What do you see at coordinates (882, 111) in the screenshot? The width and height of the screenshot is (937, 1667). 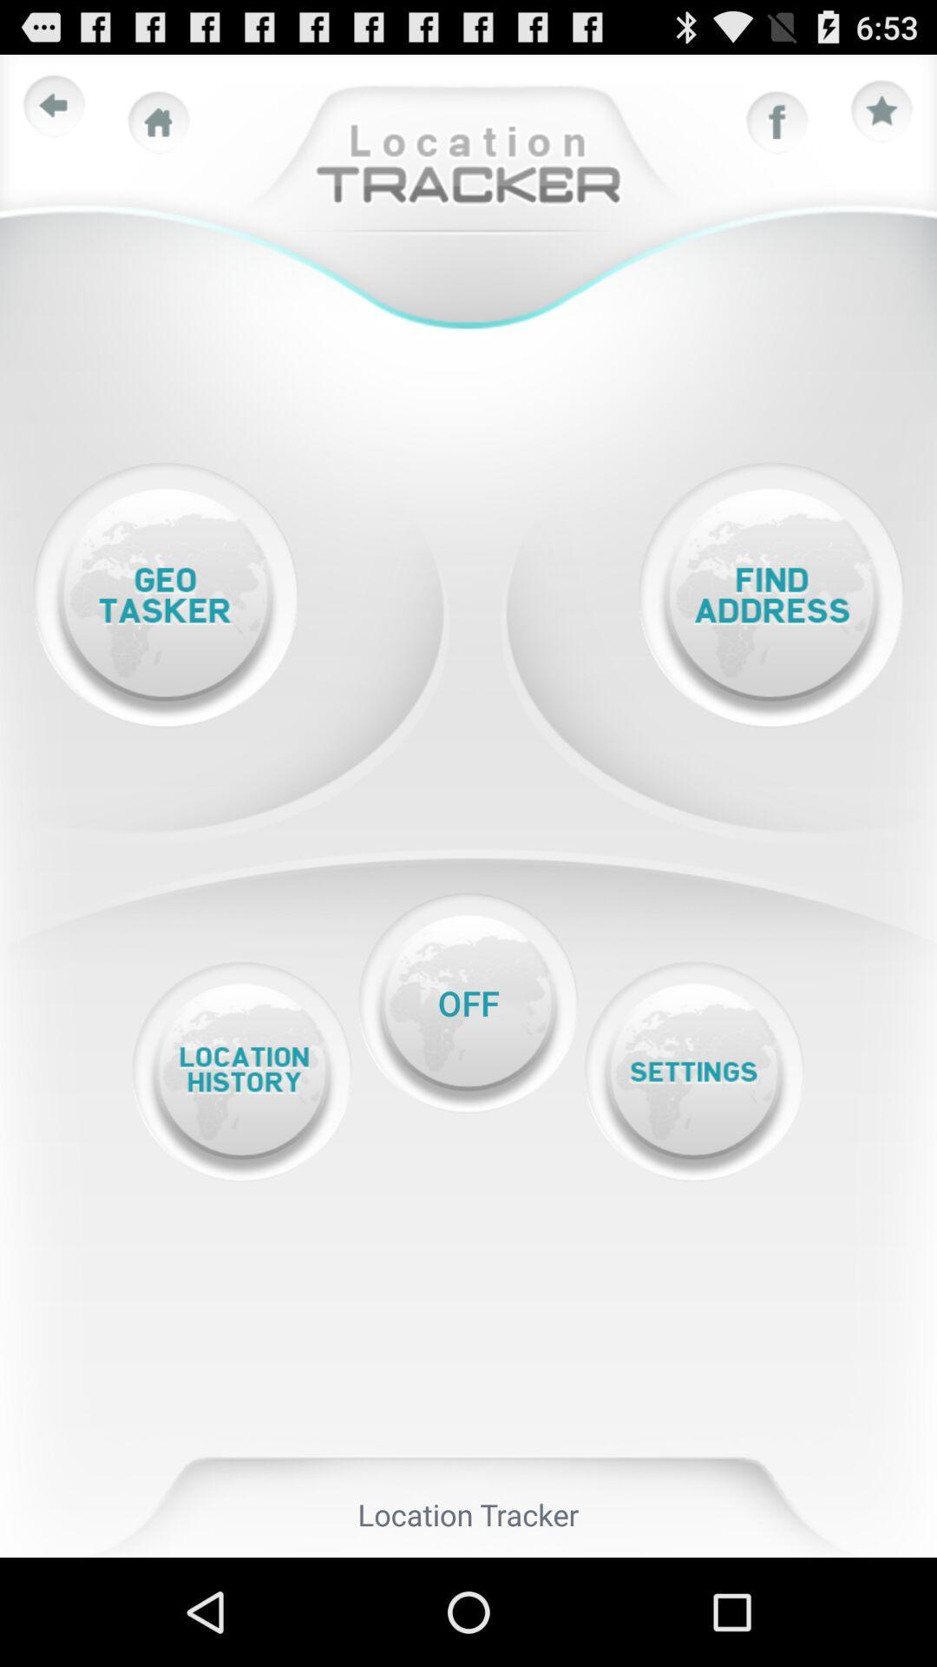 I see `rate star` at bounding box center [882, 111].